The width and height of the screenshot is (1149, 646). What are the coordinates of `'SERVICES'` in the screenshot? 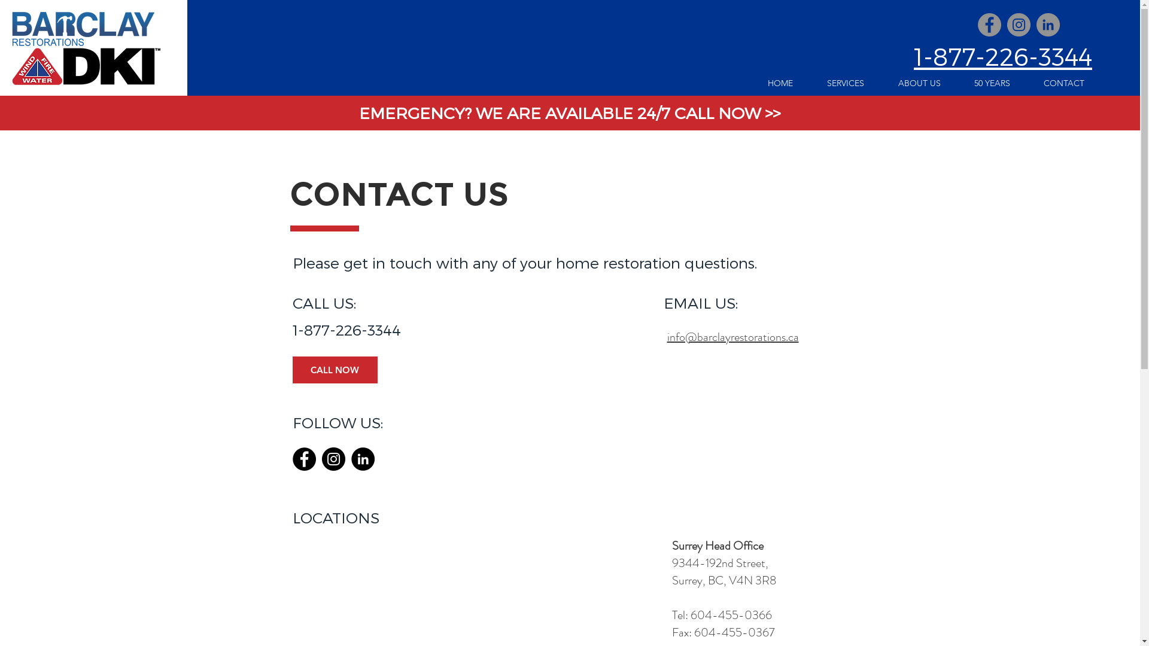 It's located at (844, 83).